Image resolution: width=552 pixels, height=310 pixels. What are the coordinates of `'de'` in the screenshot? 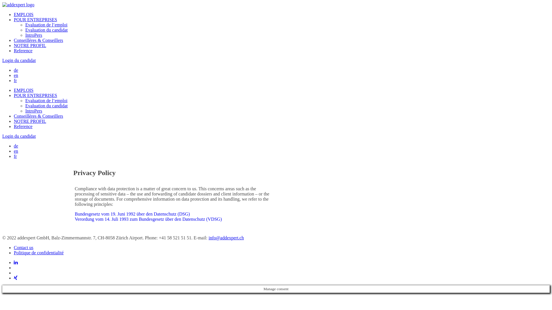 It's located at (16, 70).